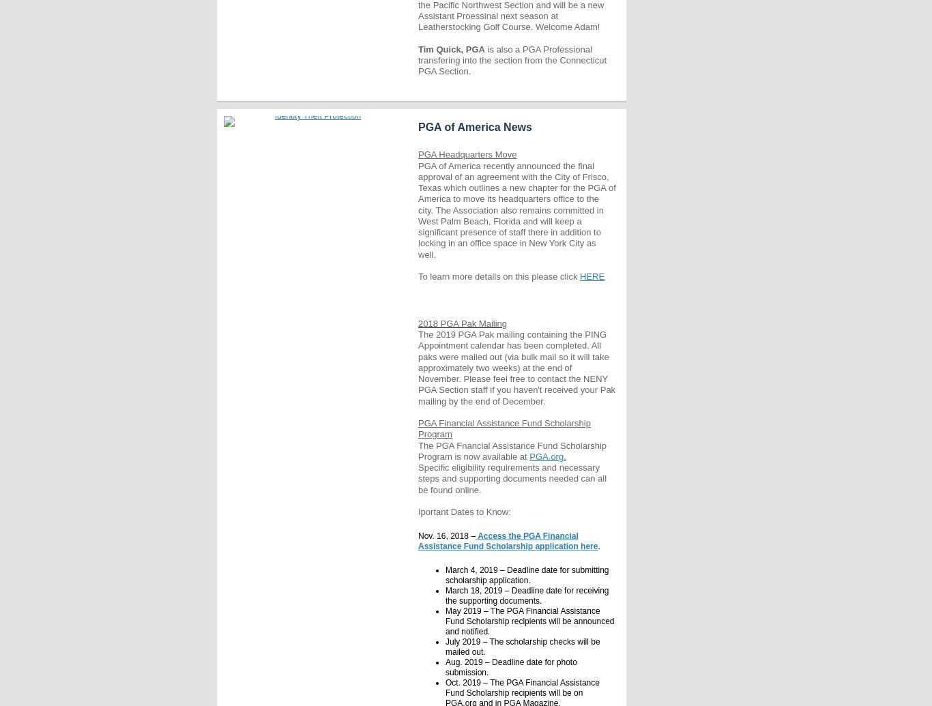  I want to click on 'Access the PGA Financial Assistance Fund Scholarship application here', so click(508, 540).